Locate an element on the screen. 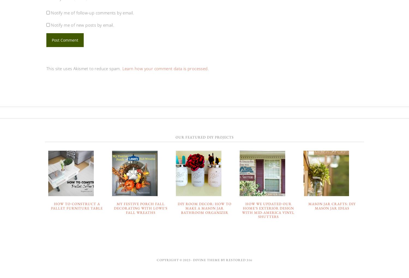  'How to Construct a Pallet Furniture Table' is located at coordinates (77, 206).